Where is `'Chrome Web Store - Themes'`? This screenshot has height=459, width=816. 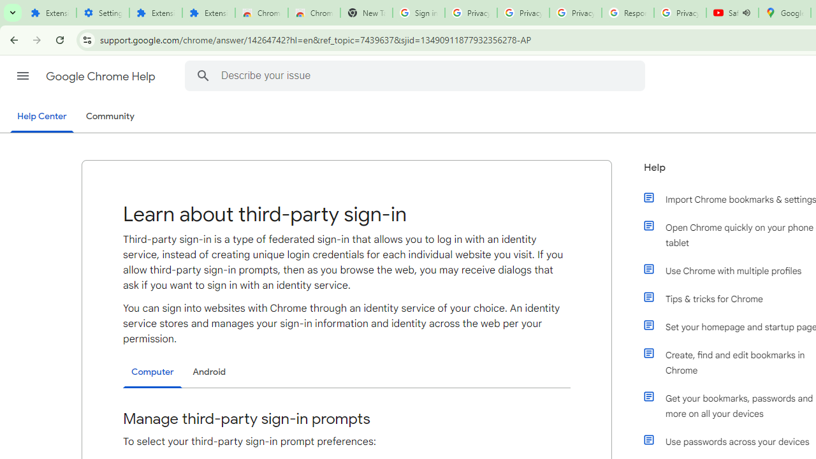 'Chrome Web Store - Themes' is located at coordinates (314, 13).